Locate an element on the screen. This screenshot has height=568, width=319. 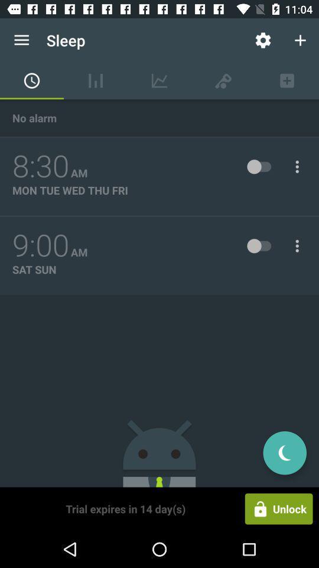
icon below mon tue wed icon is located at coordinates (40, 245).